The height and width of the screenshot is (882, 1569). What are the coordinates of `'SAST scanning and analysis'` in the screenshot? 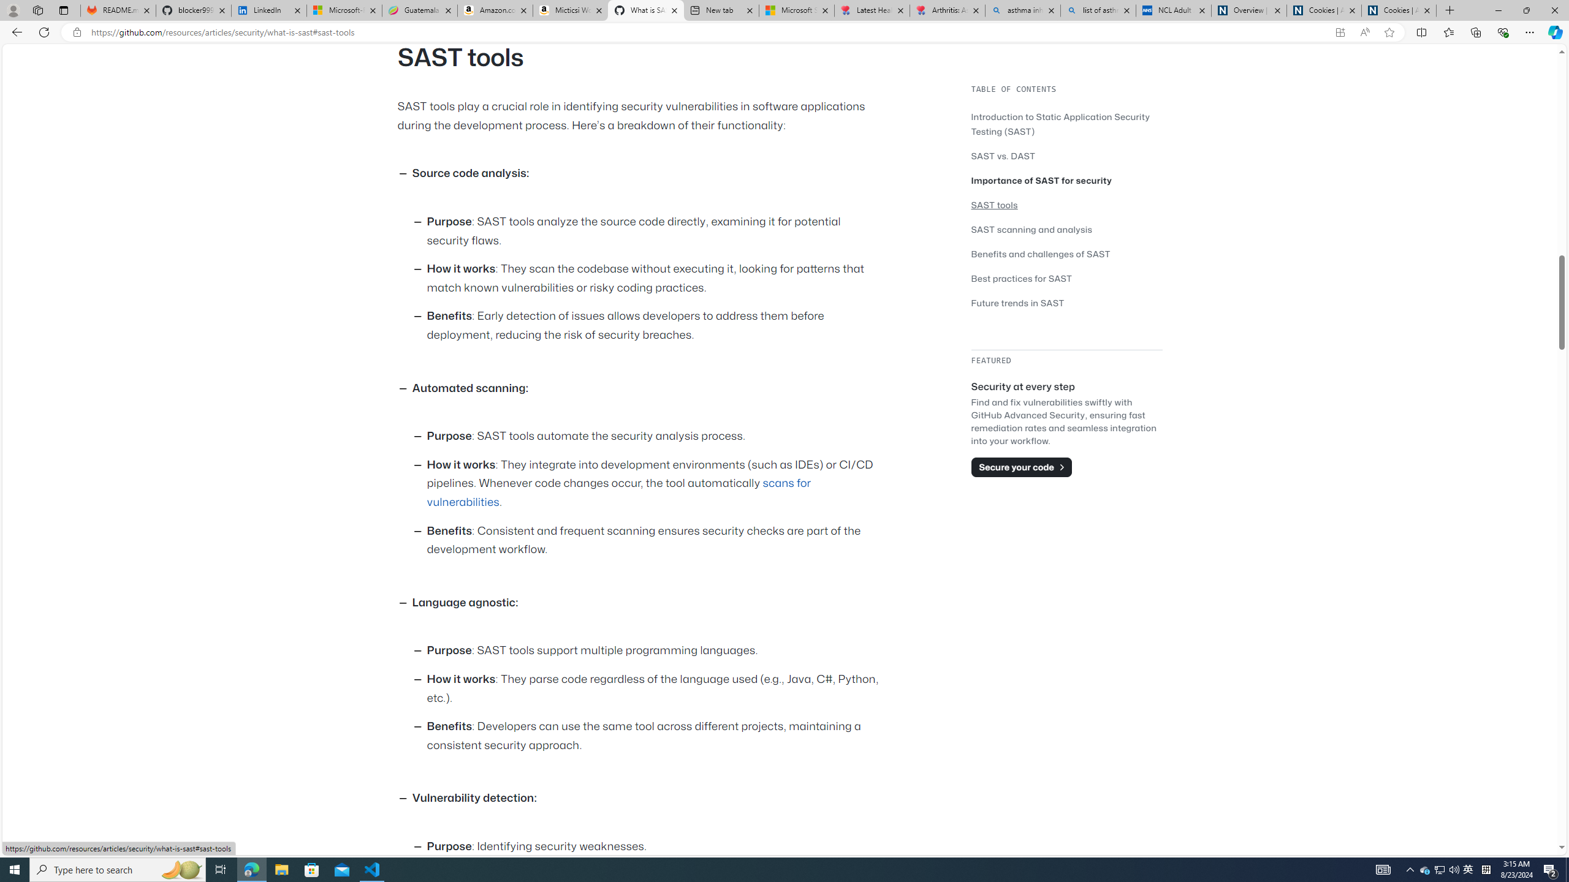 It's located at (1031, 229).